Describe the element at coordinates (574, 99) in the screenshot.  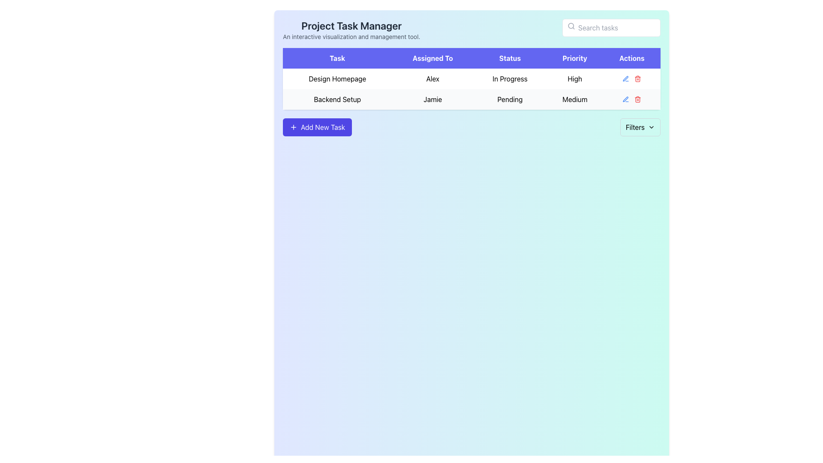
I see `the text label displaying 'Medium' in the 'Priority' column of the 'Backend Setup' task row` at that location.